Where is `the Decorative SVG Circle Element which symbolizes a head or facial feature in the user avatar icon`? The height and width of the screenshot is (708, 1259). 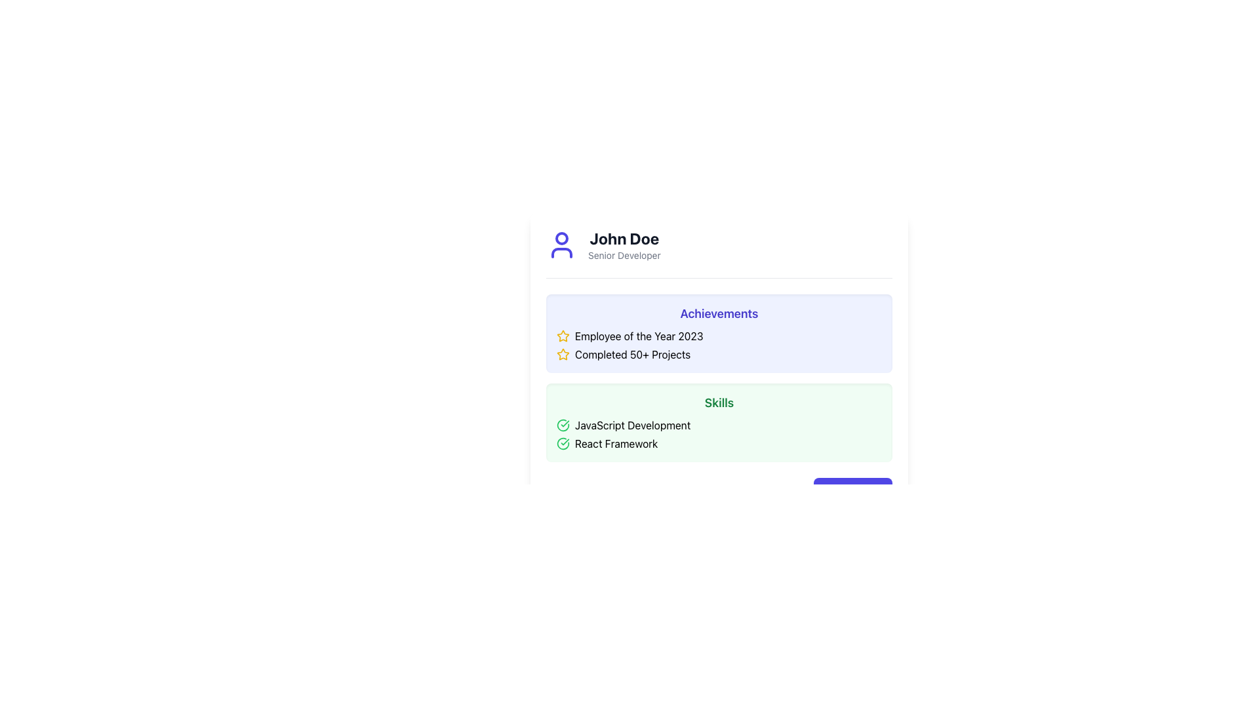 the Decorative SVG Circle Element which symbolizes a head or facial feature in the user avatar icon is located at coordinates (562, 238).